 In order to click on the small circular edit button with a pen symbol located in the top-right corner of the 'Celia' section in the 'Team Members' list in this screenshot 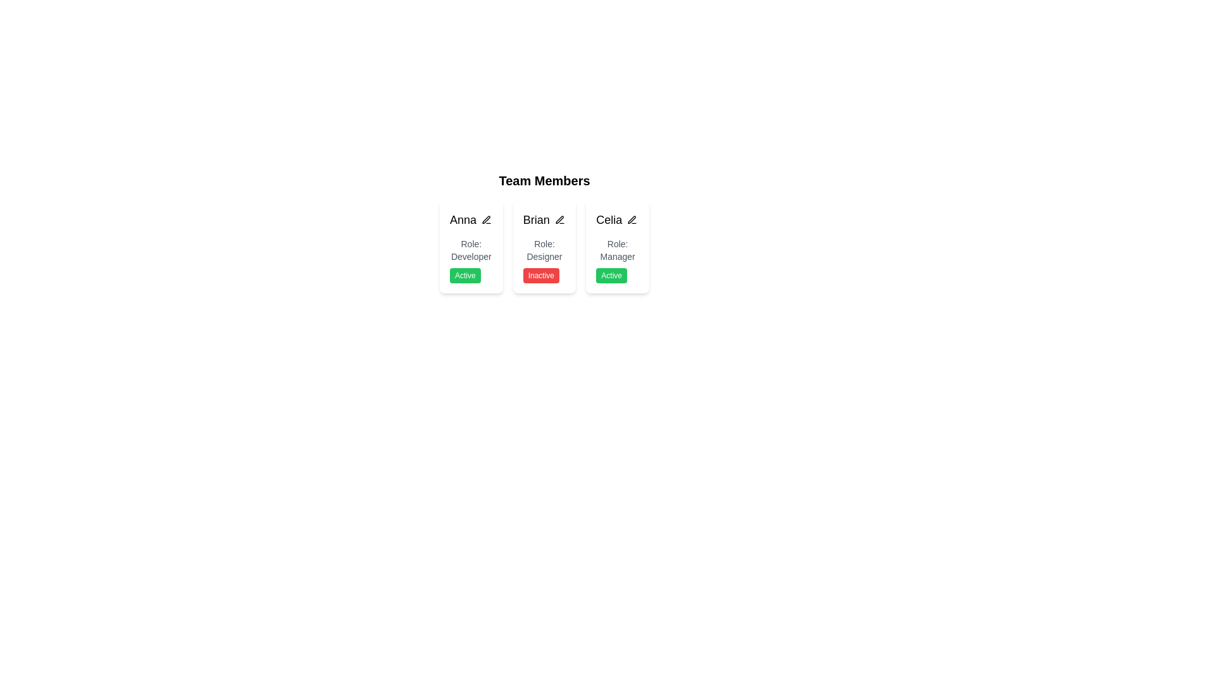, I will do `click(632, 219)`.